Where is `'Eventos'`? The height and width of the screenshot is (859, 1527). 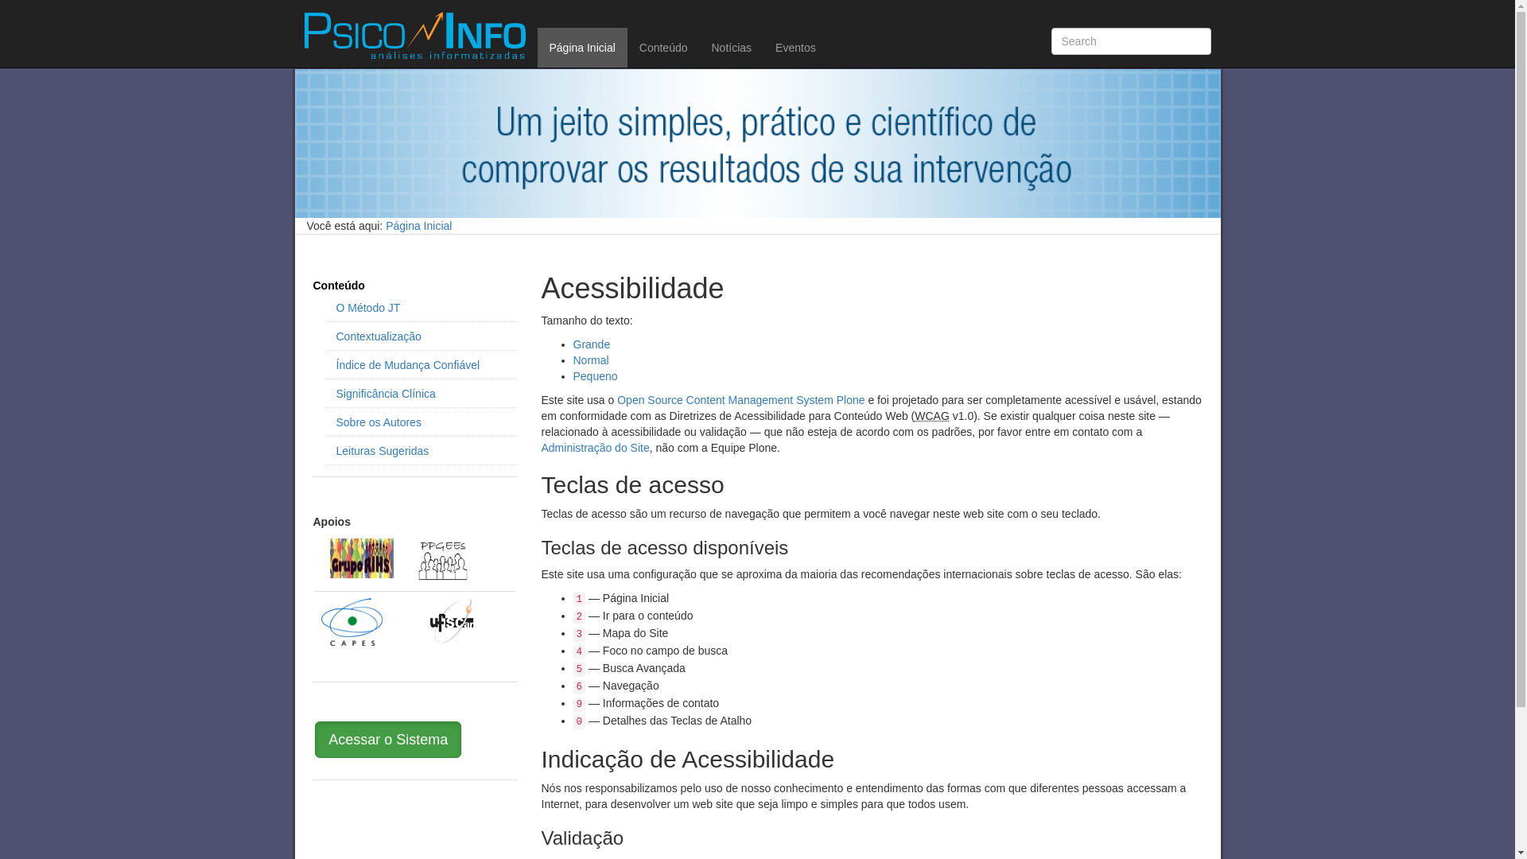
'Eventos' is located at coordinates (795, 47).